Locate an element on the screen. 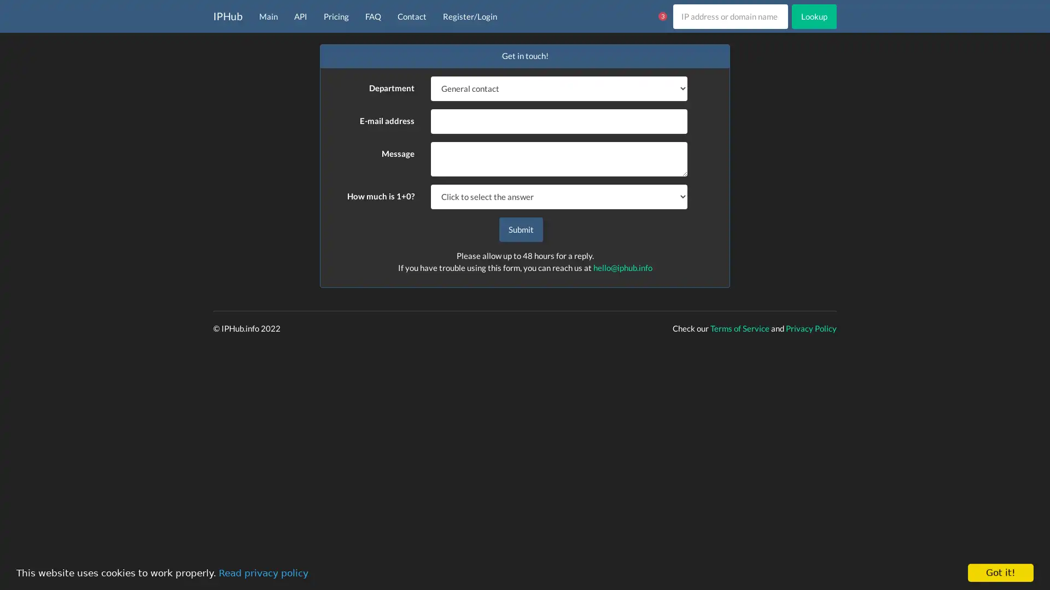 The height and width of the screenshot is (590, 1050). Lookup is located at coordinates (814, 16).